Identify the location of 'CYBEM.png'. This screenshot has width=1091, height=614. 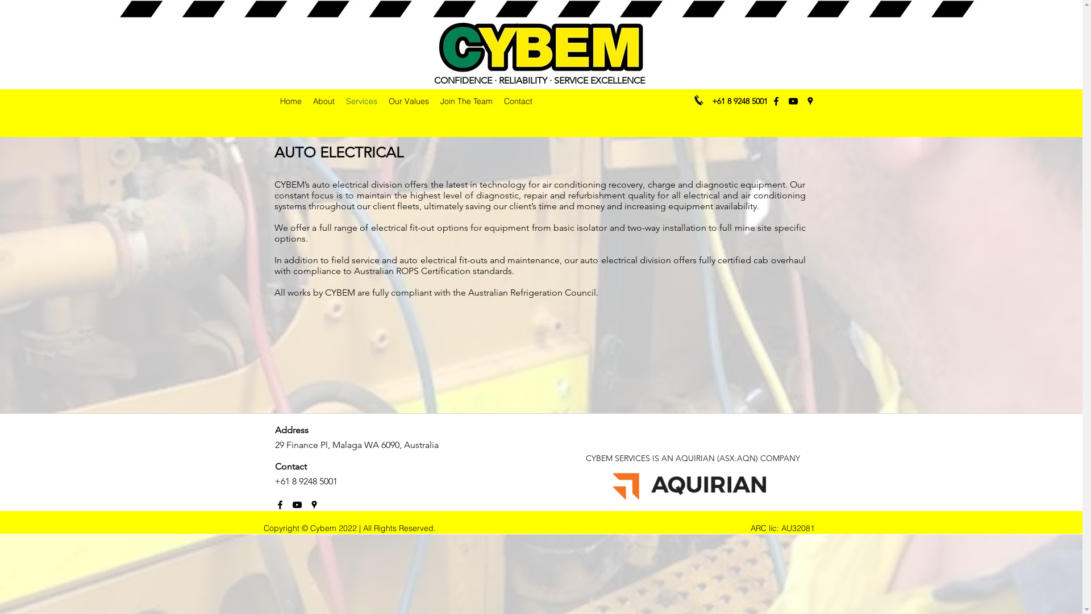
(436, 46).